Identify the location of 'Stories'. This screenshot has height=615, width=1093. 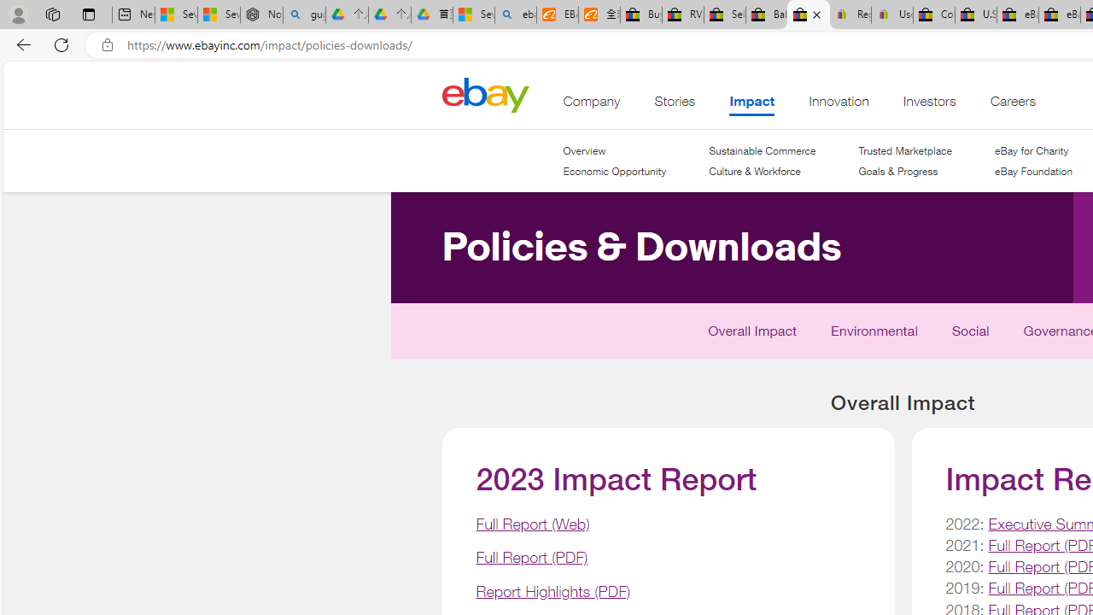
(674, 105).